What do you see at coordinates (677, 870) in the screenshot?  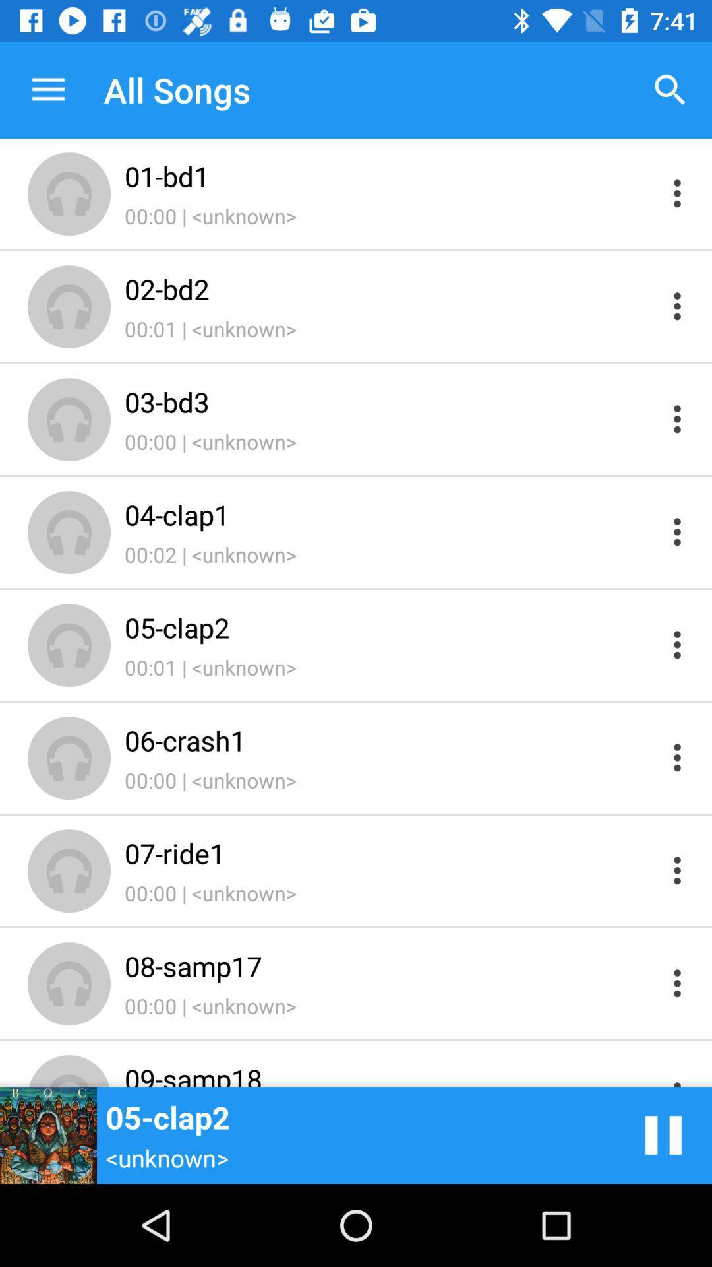 I see `more information` at bounding box center [677, 870].